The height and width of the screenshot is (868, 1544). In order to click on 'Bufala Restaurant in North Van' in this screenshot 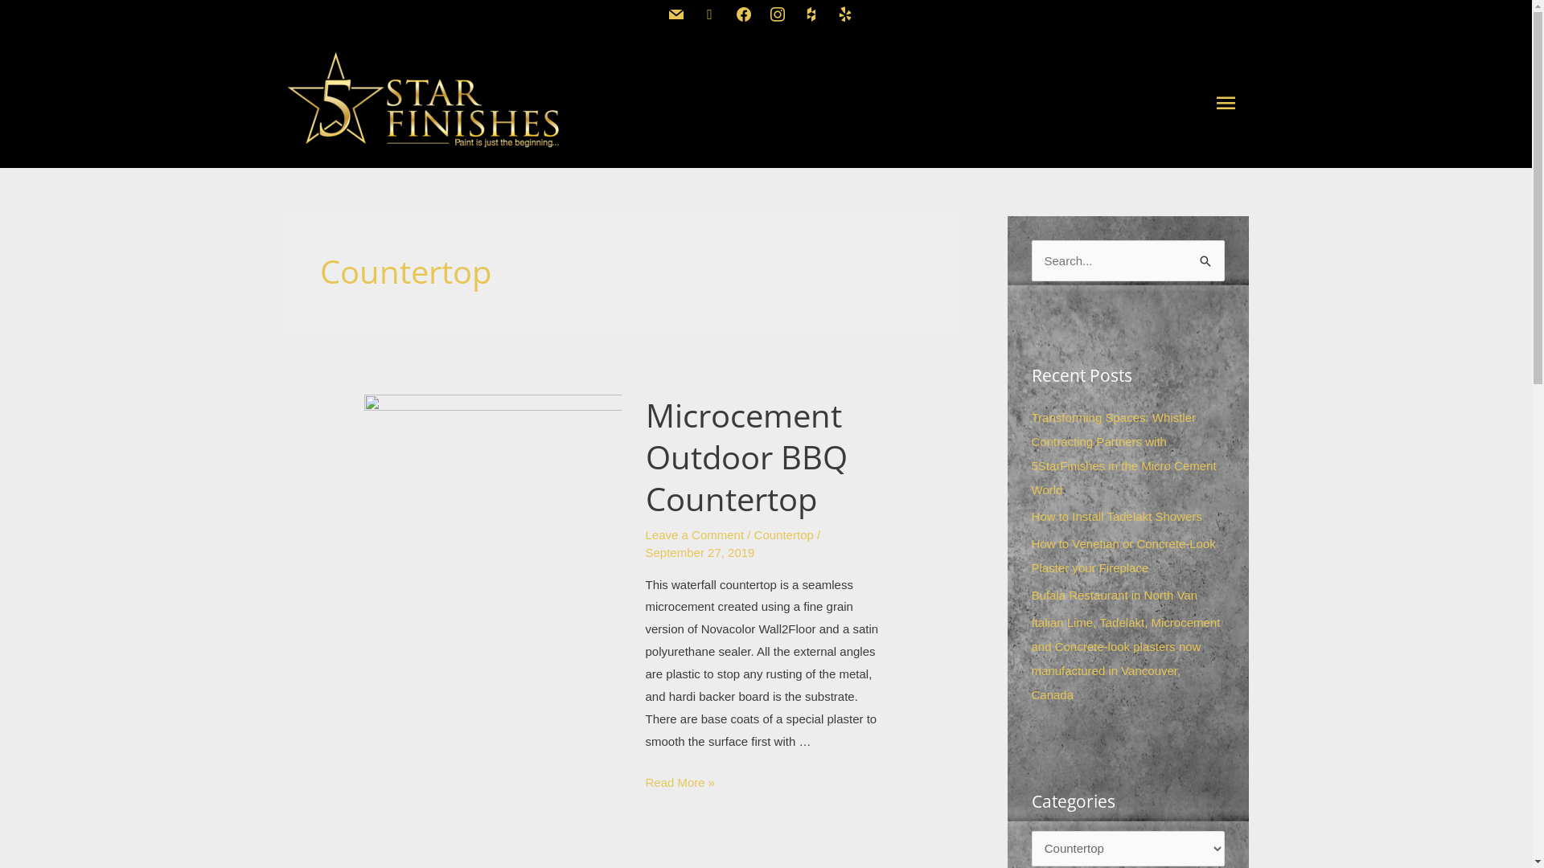, I will do `click(1030, 595)`.